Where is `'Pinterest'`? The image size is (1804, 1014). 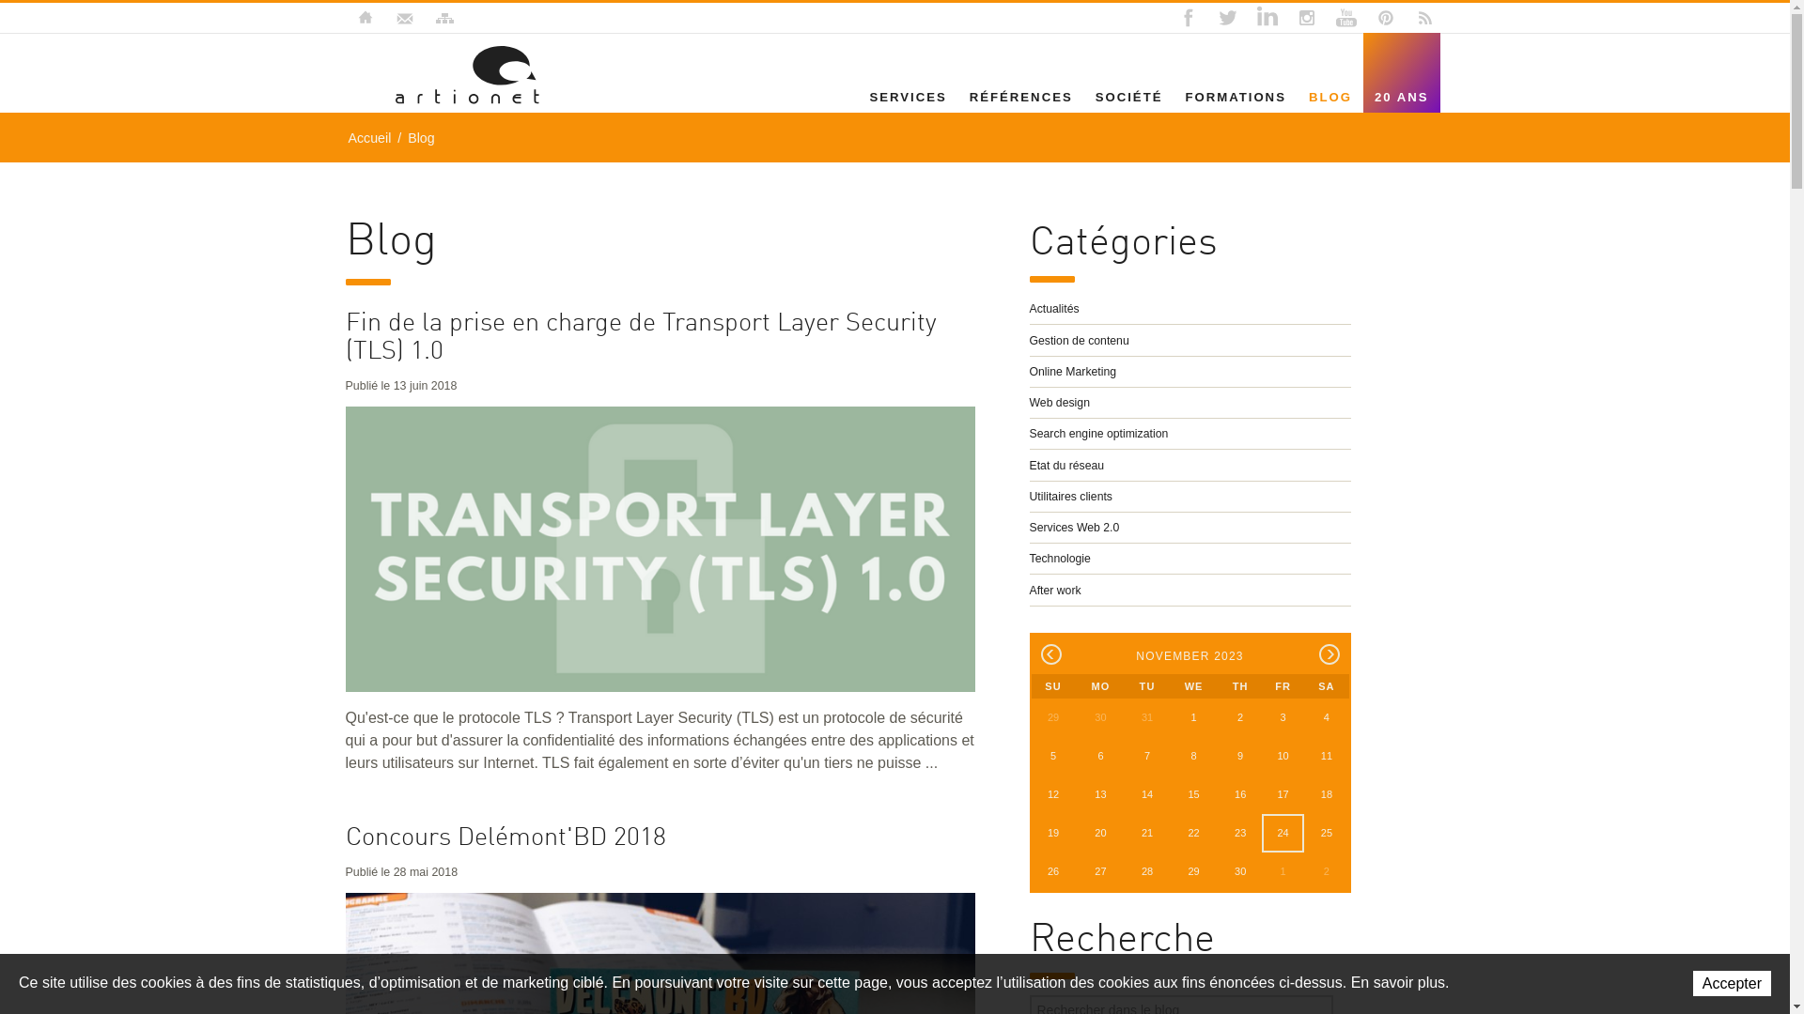 'Pinterest' is located at coordinates (1384, 18).